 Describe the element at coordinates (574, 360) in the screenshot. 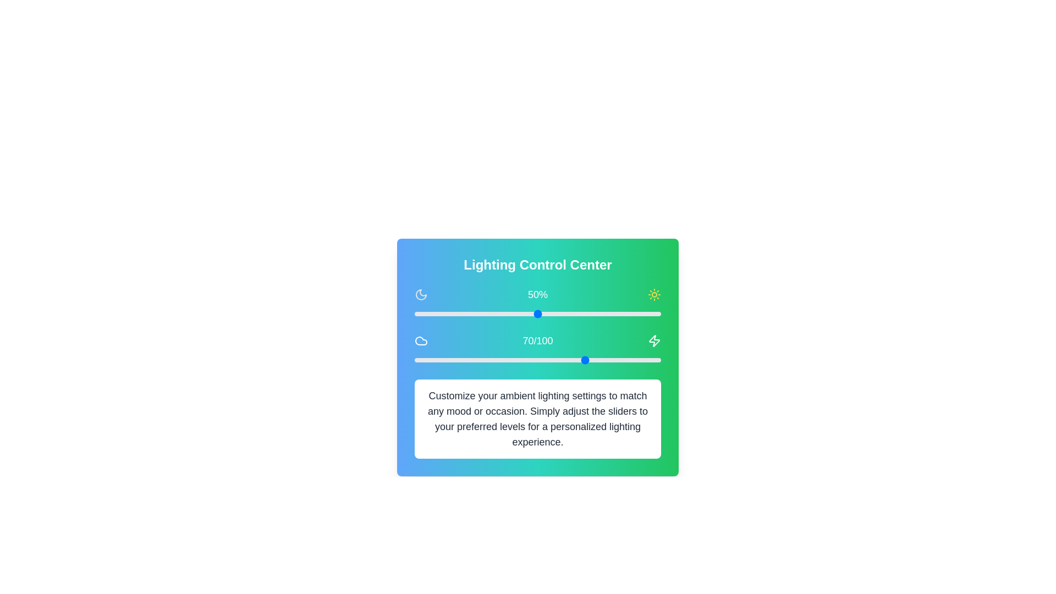

I see `the warmth slider to set the warmth level to 65 (0-100)` at that location.